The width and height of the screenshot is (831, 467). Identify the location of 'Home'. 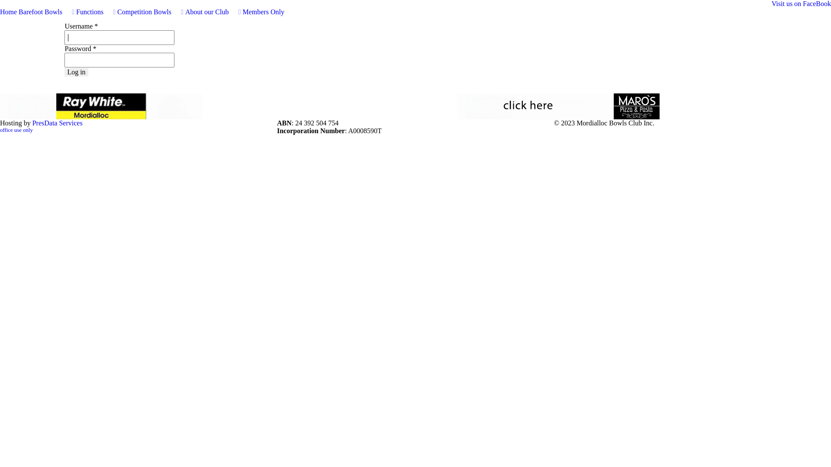
(0, 12).